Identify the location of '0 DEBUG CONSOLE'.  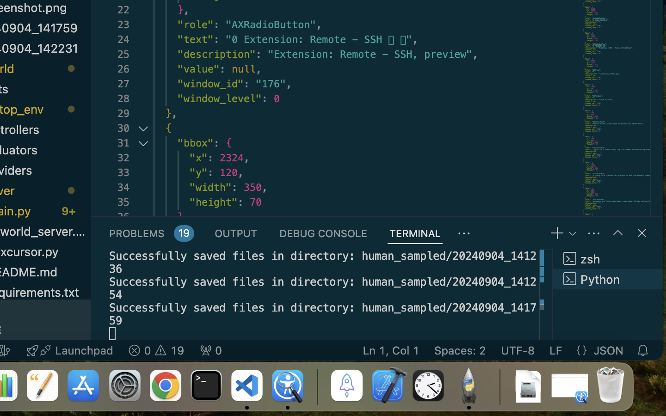
(323, 232).